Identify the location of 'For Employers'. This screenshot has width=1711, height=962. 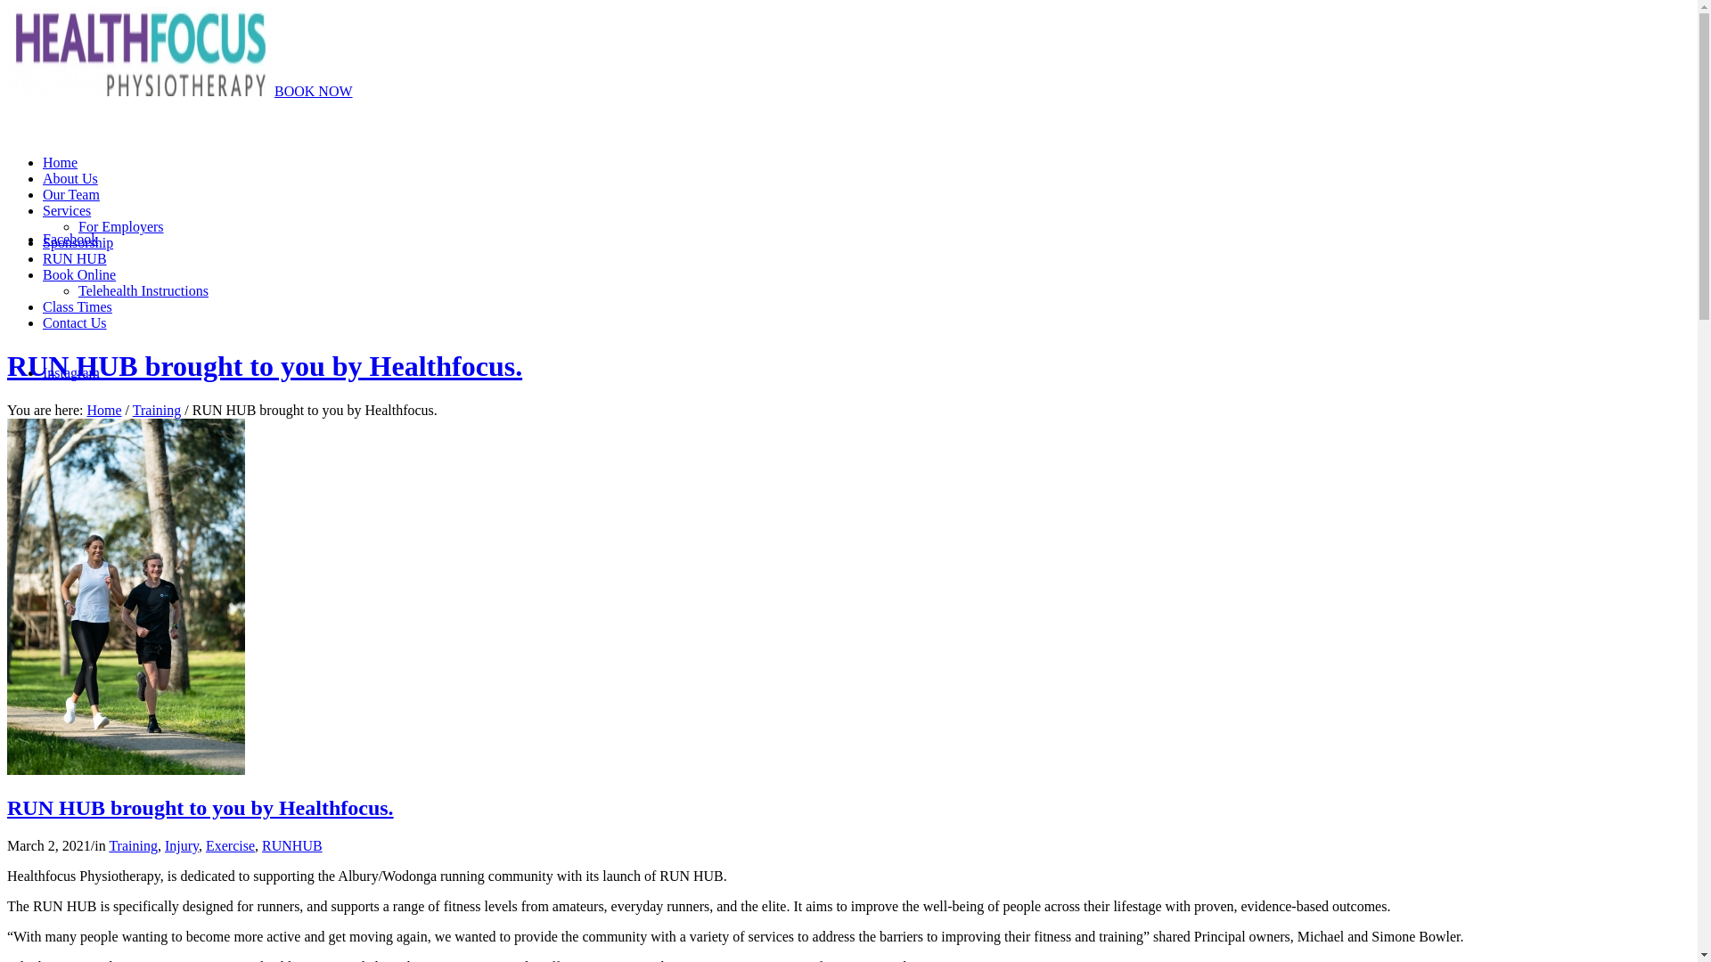
(119, 225).